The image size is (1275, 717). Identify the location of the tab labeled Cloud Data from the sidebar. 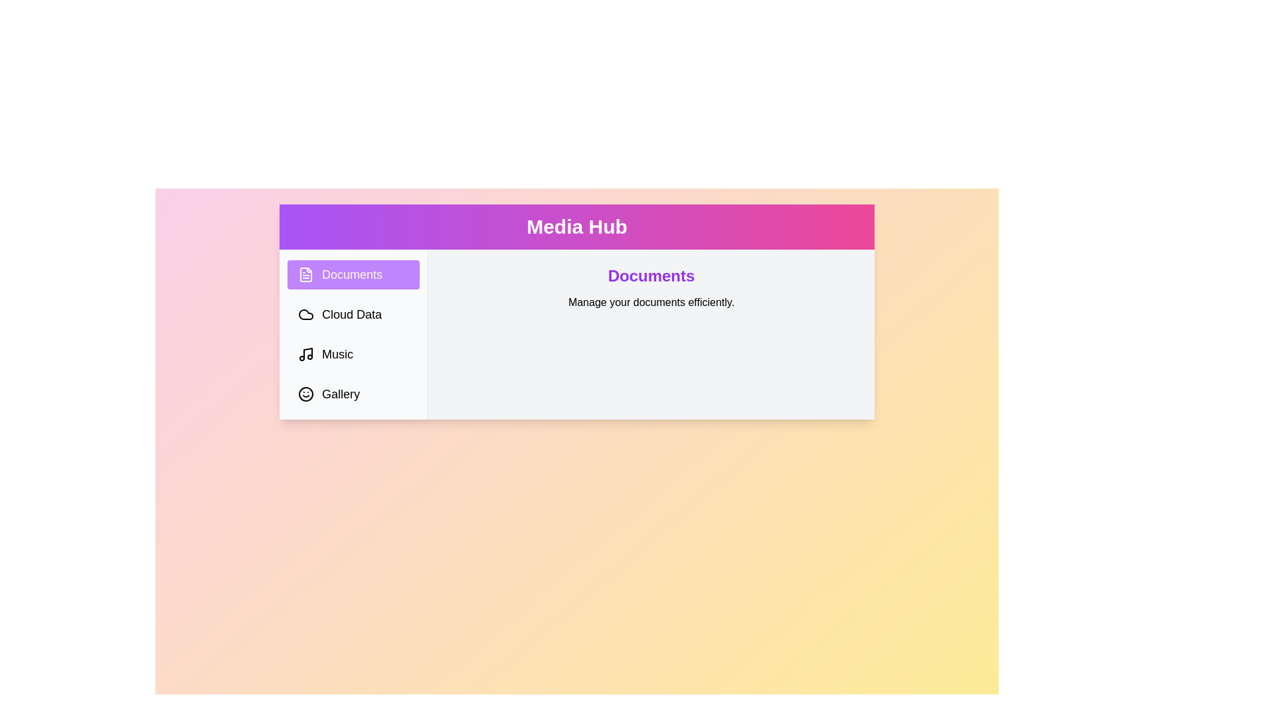
(353, 315).